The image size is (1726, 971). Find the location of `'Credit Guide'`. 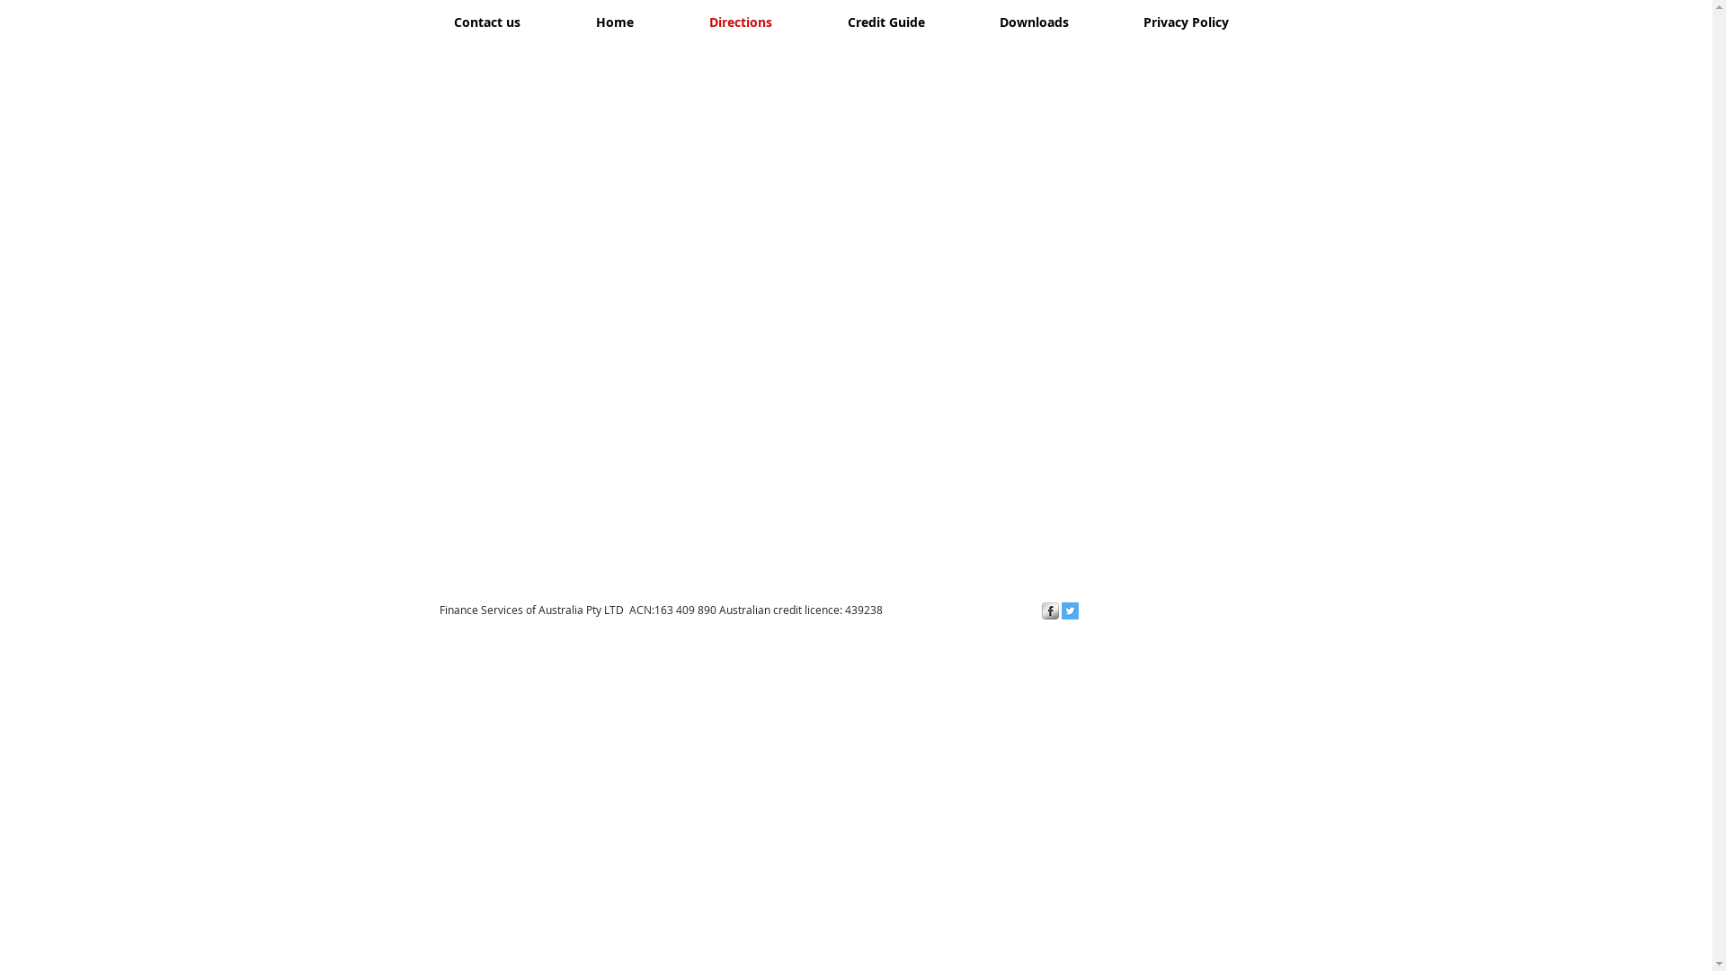

'Credit Guide' is located at coordinates (808, 22).